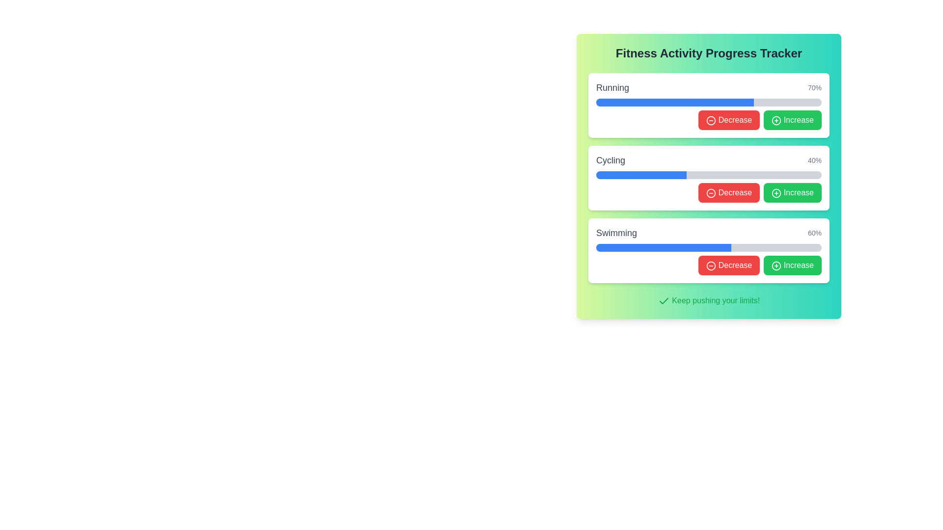 This screenshot has height=530, width=943. I want to click on text label displaying 'Swimming' which is located at the top-left corner of the third panel in the progress tracker, so click(616, 233).